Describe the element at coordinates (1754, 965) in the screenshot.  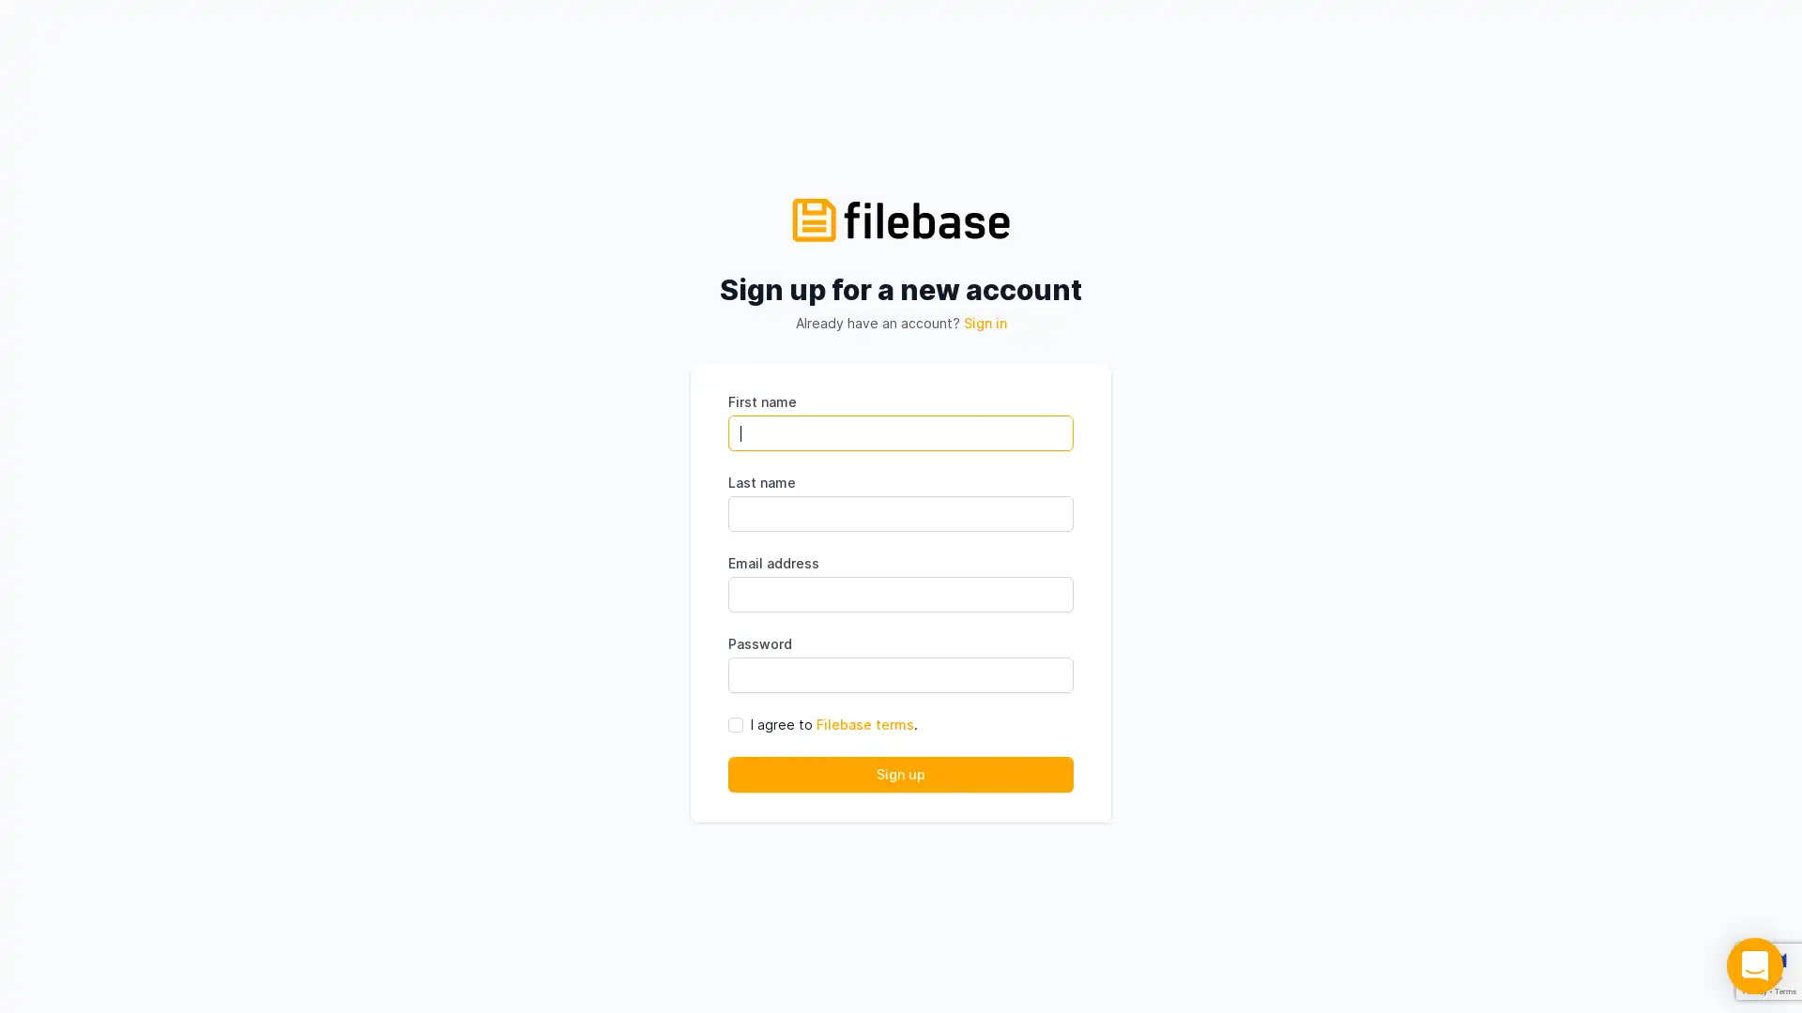
I see `Open Intercom Messenger` at that location.